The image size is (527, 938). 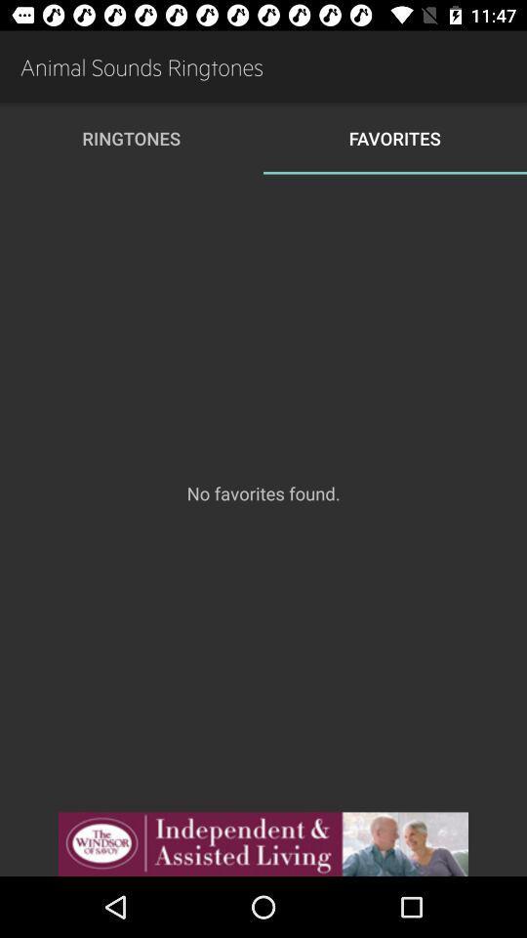 What do you see at coordinates (263, 843) in the screenshot?
I see `remove the adds` at bounding box center [263, 843].